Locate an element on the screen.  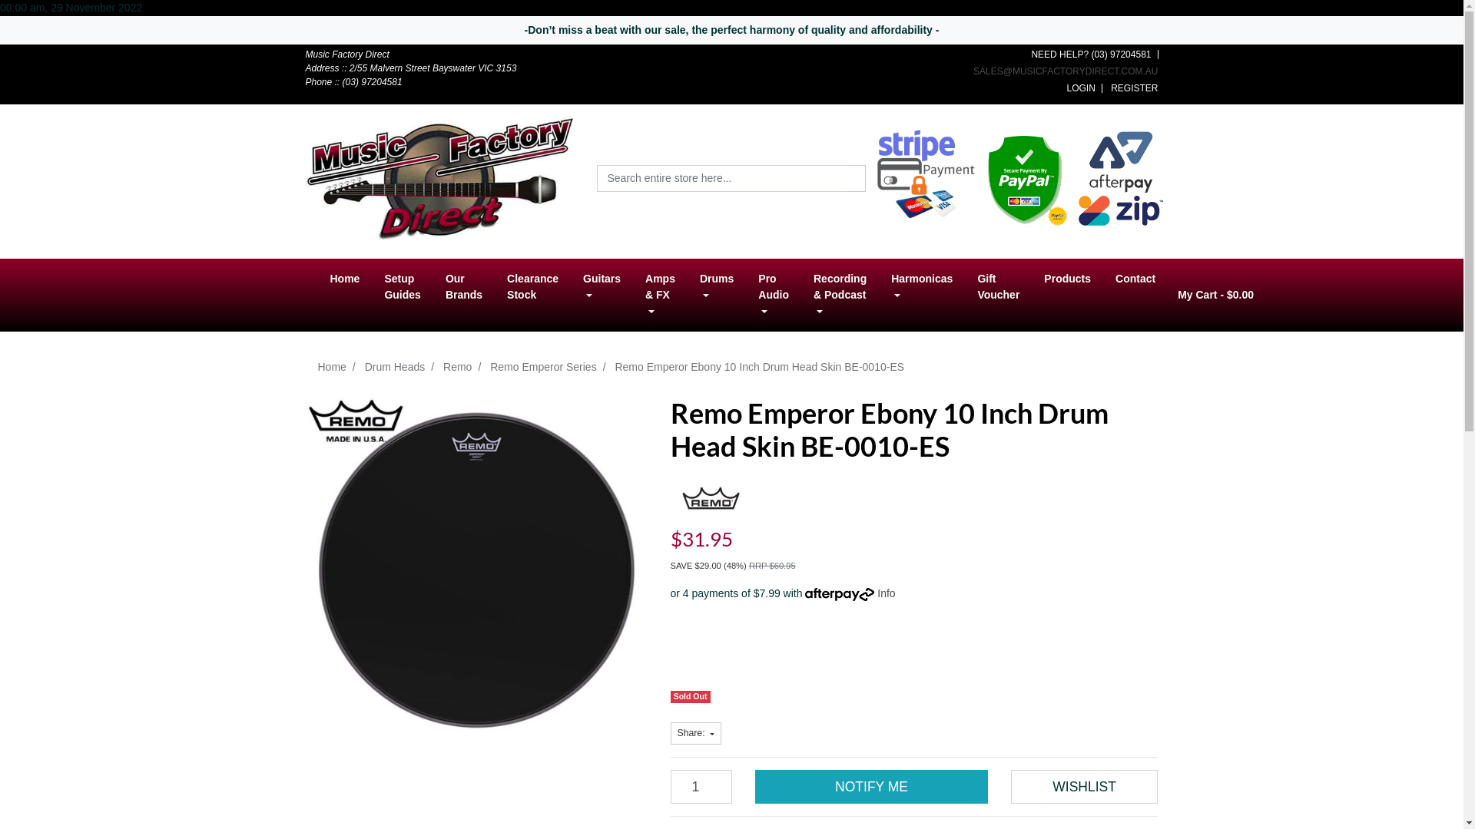
'Drums' is located at coordinates (715, 287).